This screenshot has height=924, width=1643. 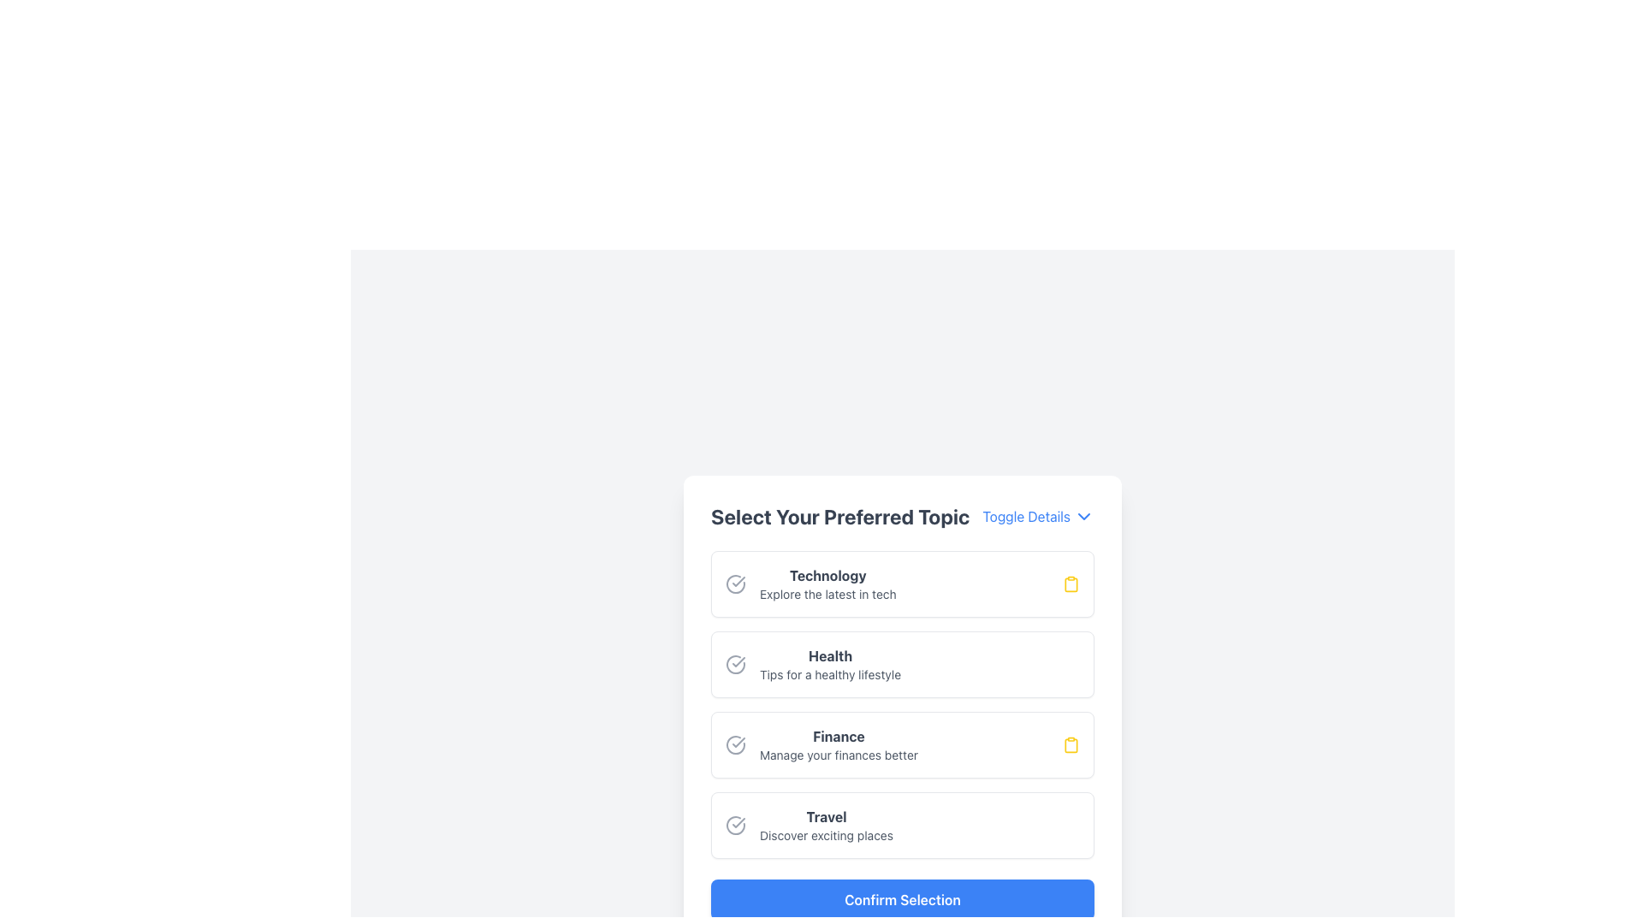 What do you see at coordinates (808, 824) in the screenshot?
I see `the text component labeled 'Travel' which is bold and has the description 'Discover exciting places' beneath it` at bounding box center [808, 824].